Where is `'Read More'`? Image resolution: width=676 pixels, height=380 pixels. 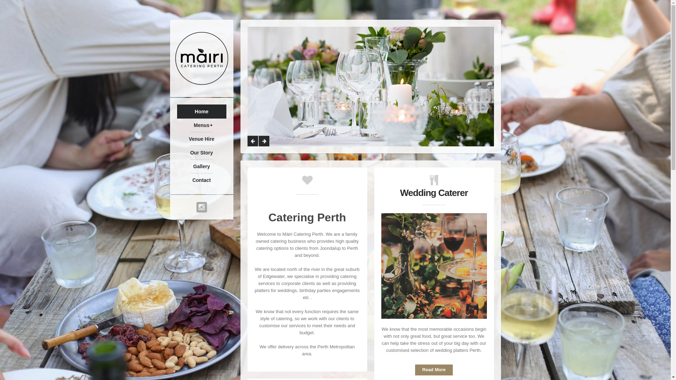
'Read More' is located at coordinates (433, 369).